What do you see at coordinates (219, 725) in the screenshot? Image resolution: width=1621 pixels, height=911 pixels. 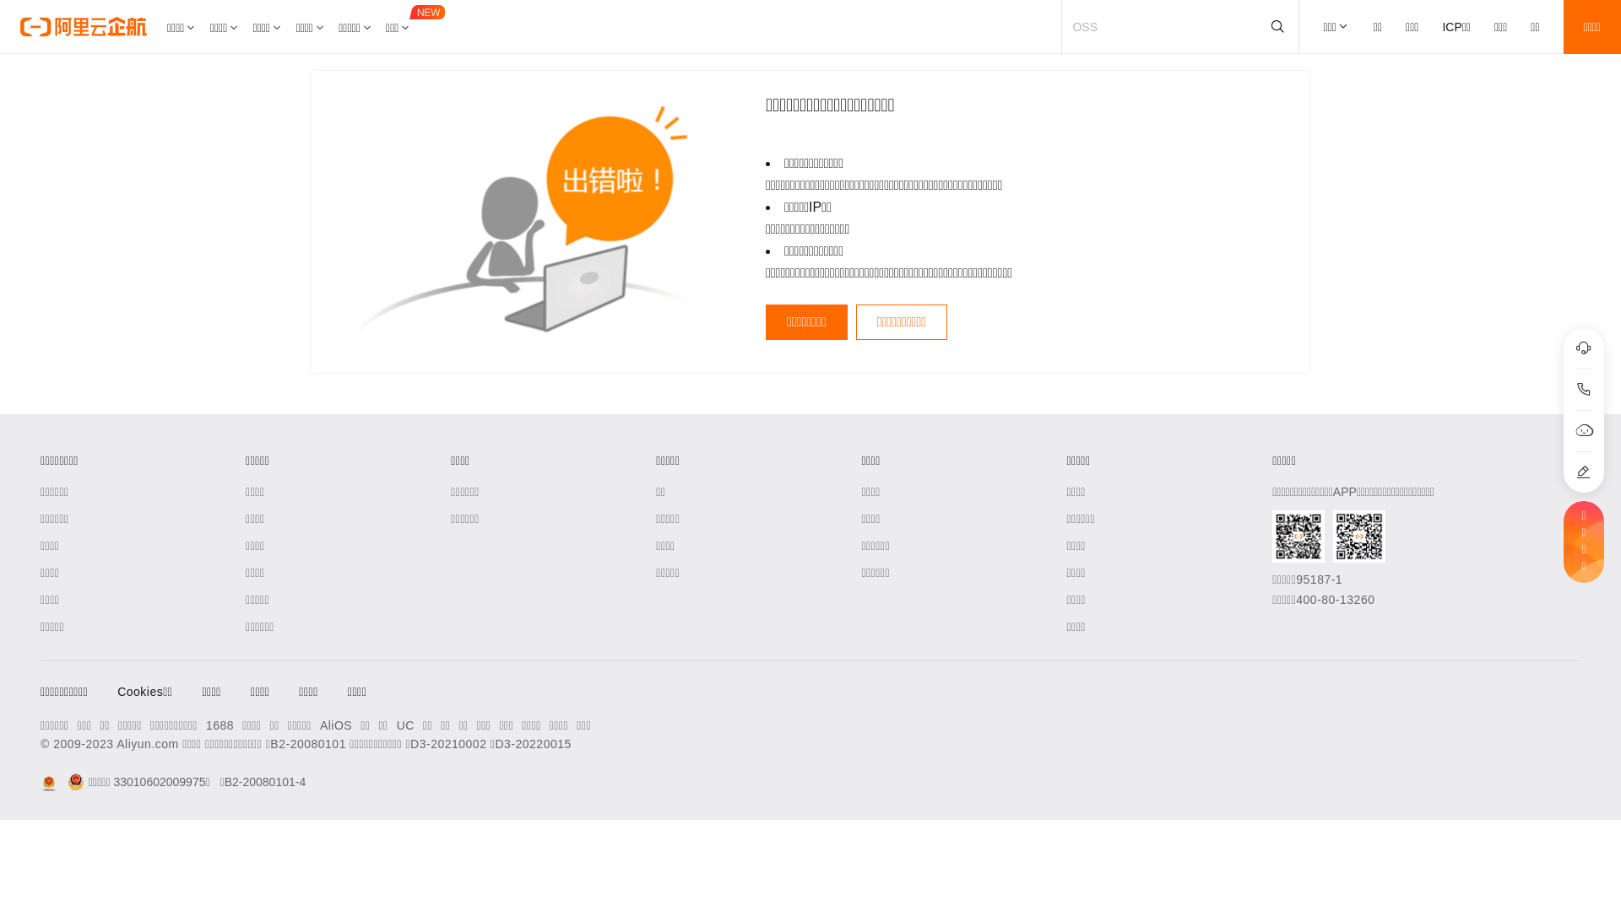 I see `'1688'` at bounding box center [219, 725].